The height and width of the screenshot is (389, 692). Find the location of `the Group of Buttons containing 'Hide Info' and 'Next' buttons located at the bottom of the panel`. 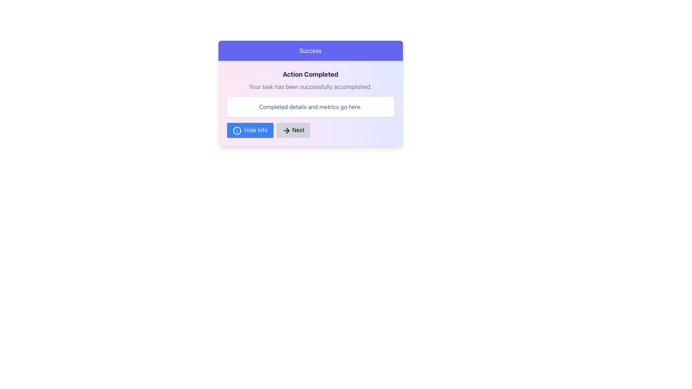

the Group of Buttons containing 'Hide Info' and 'Next' buttons located at the bottom of the panel is located at coordinates (310, 130).